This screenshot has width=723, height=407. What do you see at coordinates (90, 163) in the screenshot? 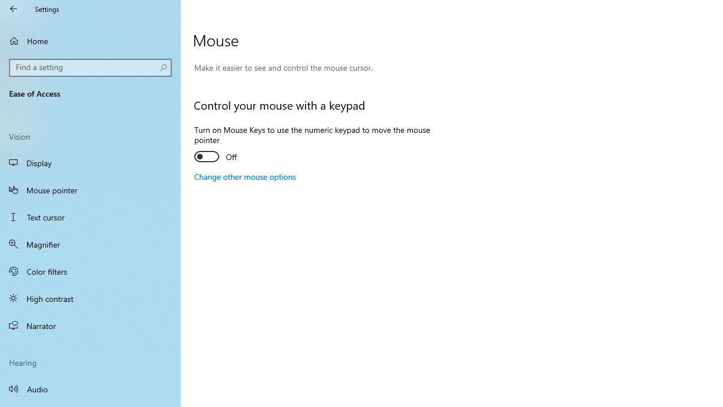
I see `'Display'` at bounding box center [90, 163].